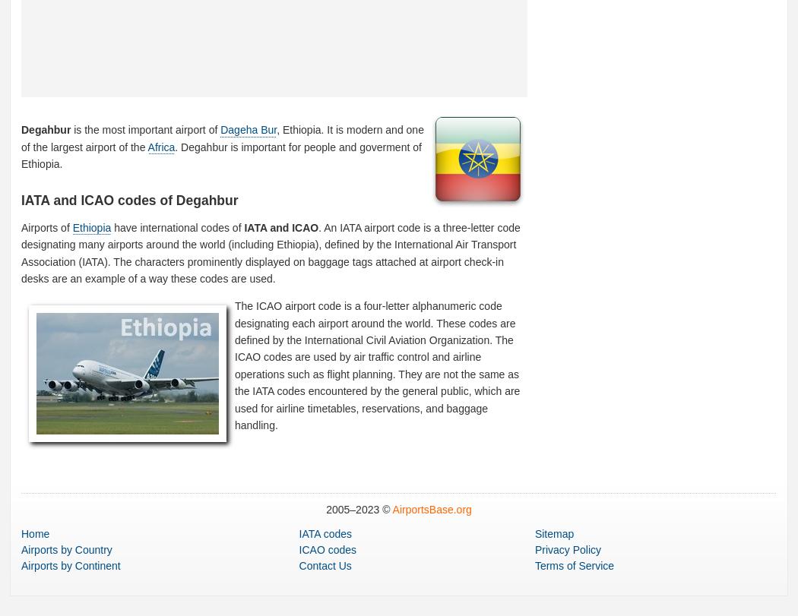  I want to click on 'Dageha Bur', so click(248, 130).